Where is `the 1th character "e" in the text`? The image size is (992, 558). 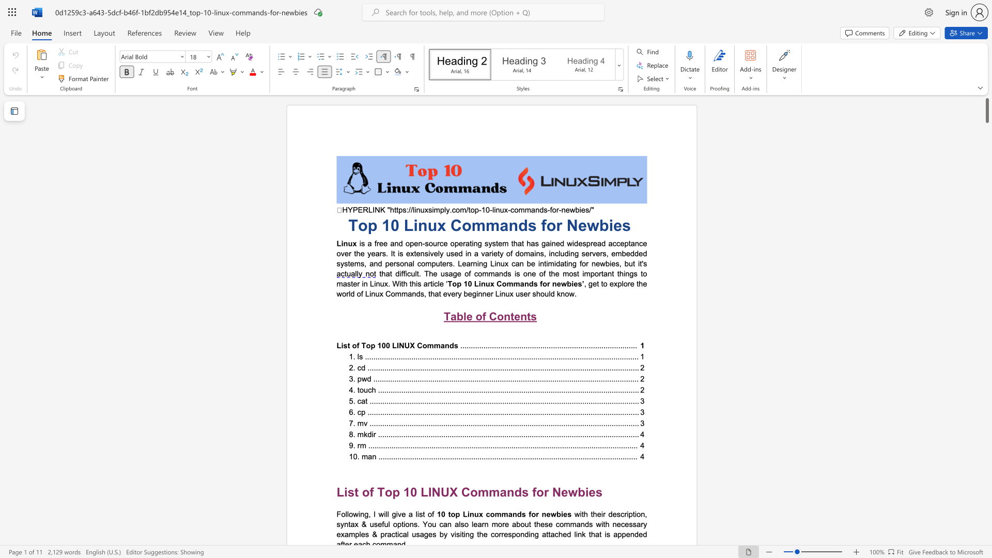 the 1th character "e" in the text is located at coordinates (548, 514).